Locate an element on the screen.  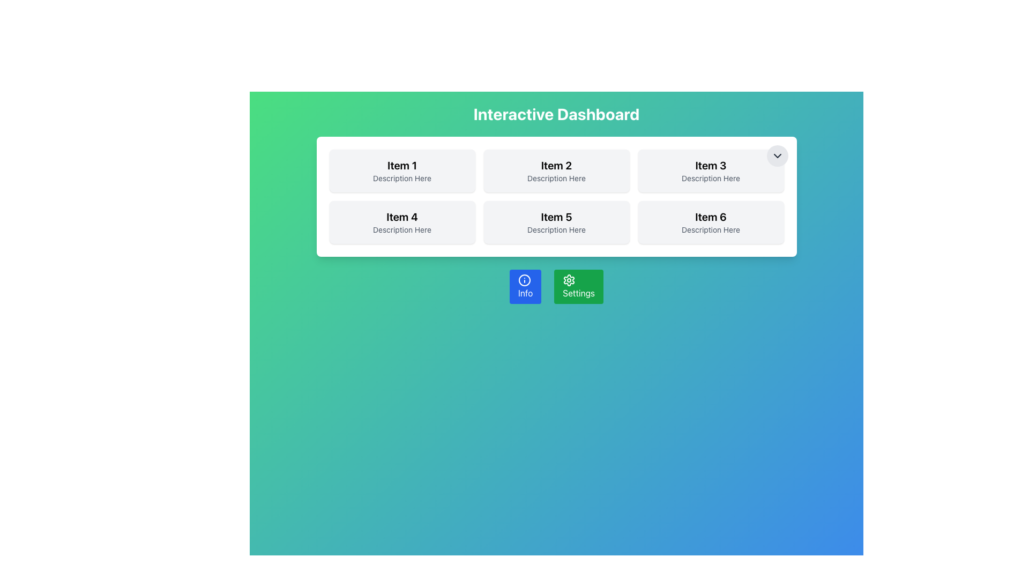
the static text label providing context for 'Item 2', located below its title in the top row, middle column of the grid is located at coordinates (556, 177).